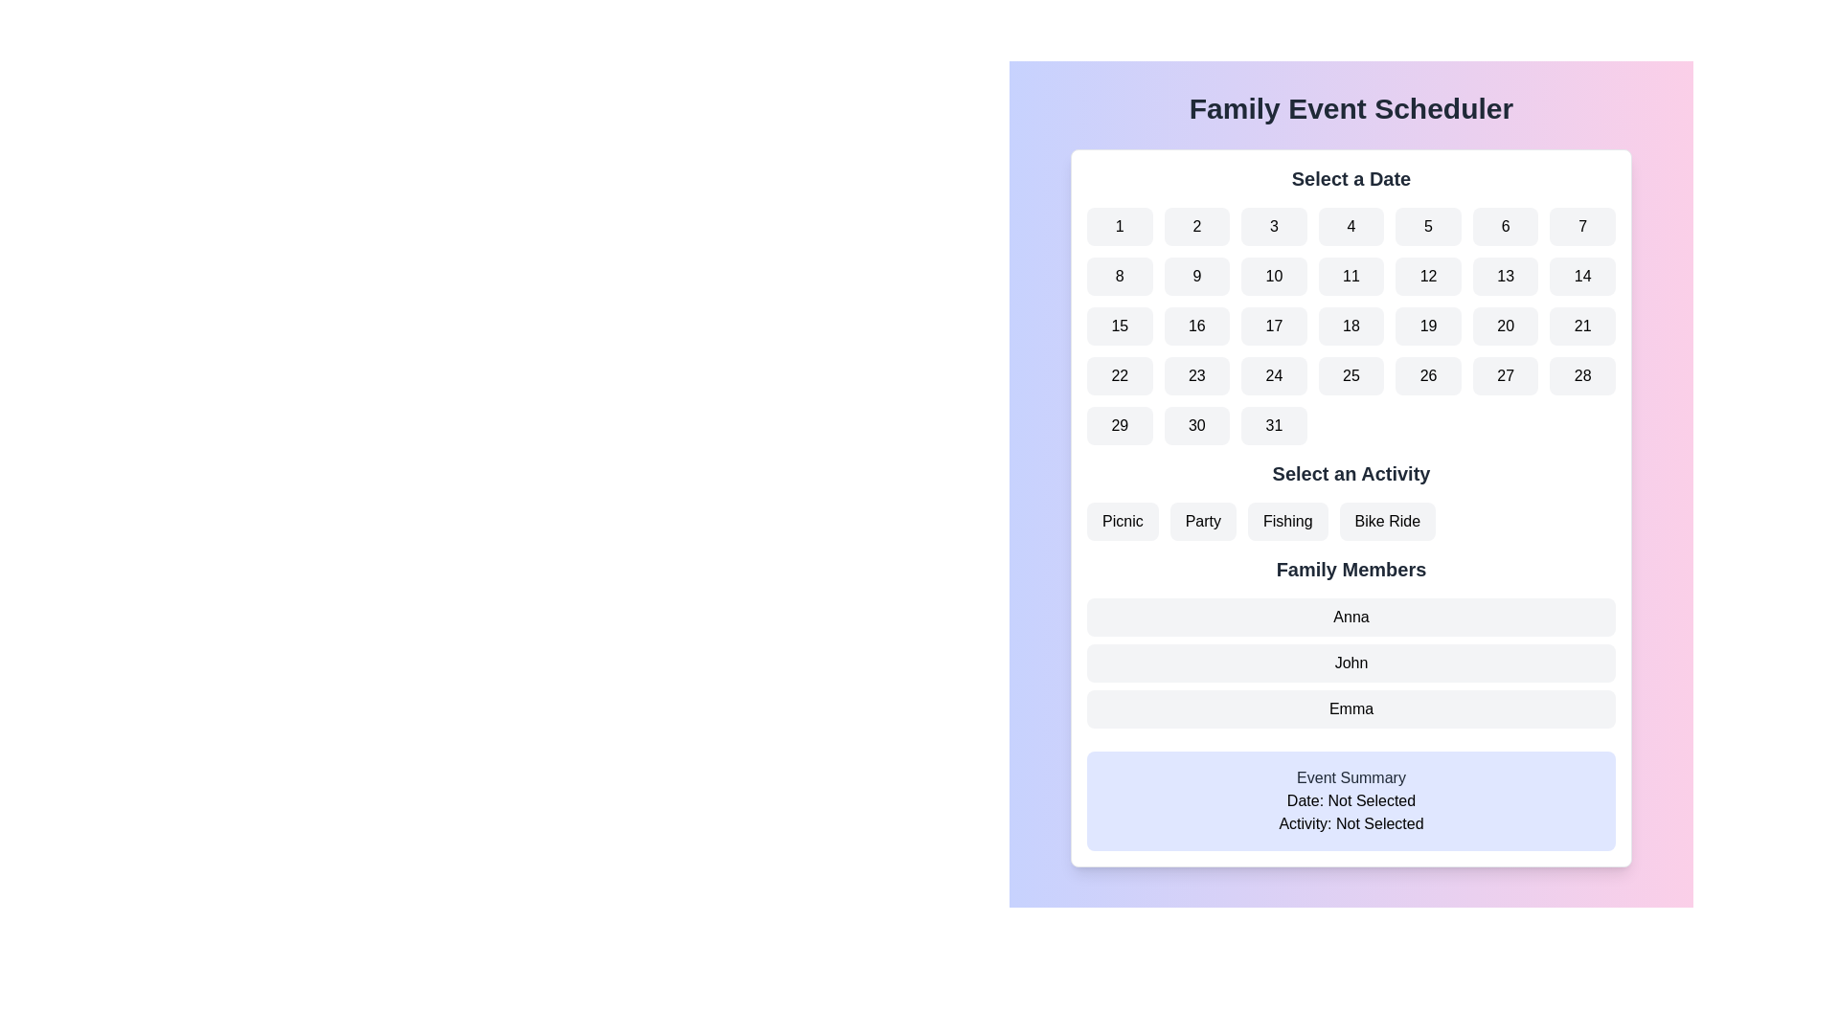 This screenshot has width=1839, height=1034. What do you see at coordinates (1202, 521) in the screenshot?
I see `the 'Party' button, which is the second button in a row under the header 'Select an Activity'` at bounding box center [1202, 521].